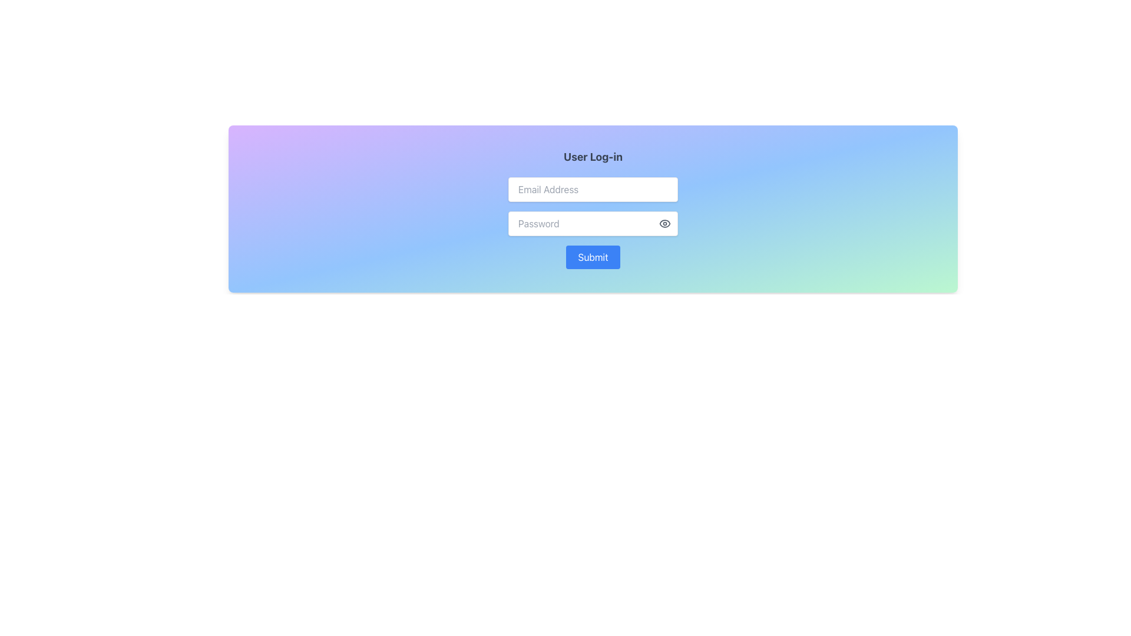  Describe the element at coordinates (664, 224) in the screenshot. I see `the eye-shaped icon located at the right end of the password input field in the login interface` at that location.